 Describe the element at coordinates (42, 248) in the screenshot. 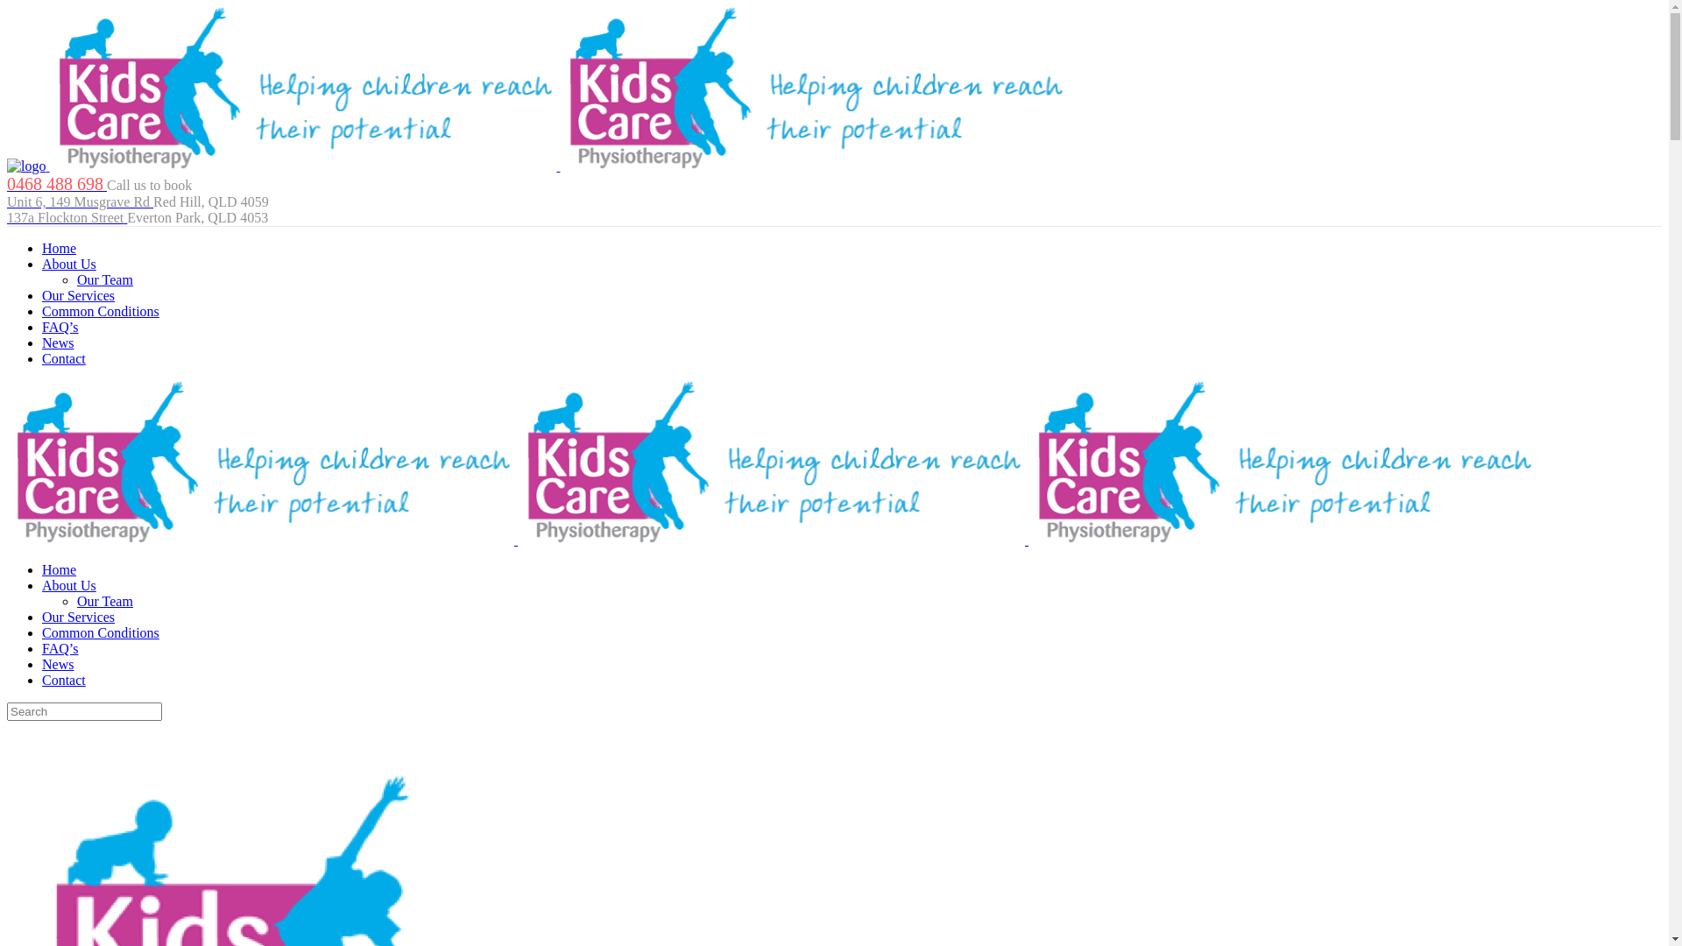

I see `'Home'` at that location.